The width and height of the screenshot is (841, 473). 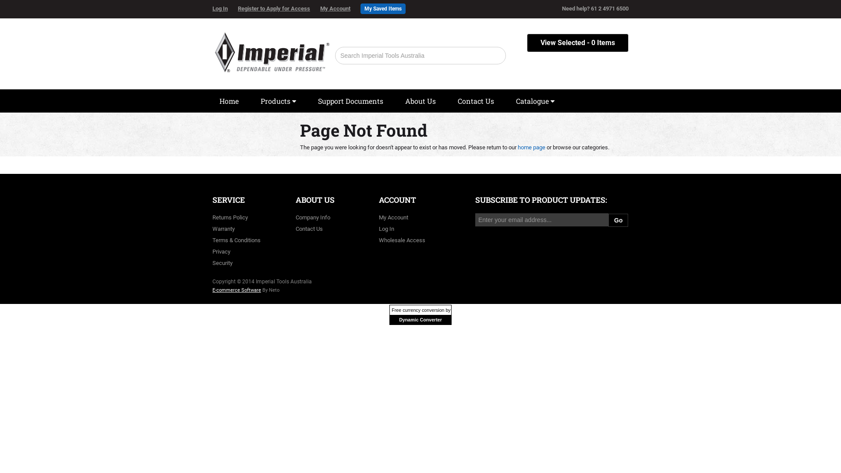 What do you see at coordinates (271, 49) in the screenshot?
I see `'Imperial Tools Australasia'` at bounding box center [271, 49].